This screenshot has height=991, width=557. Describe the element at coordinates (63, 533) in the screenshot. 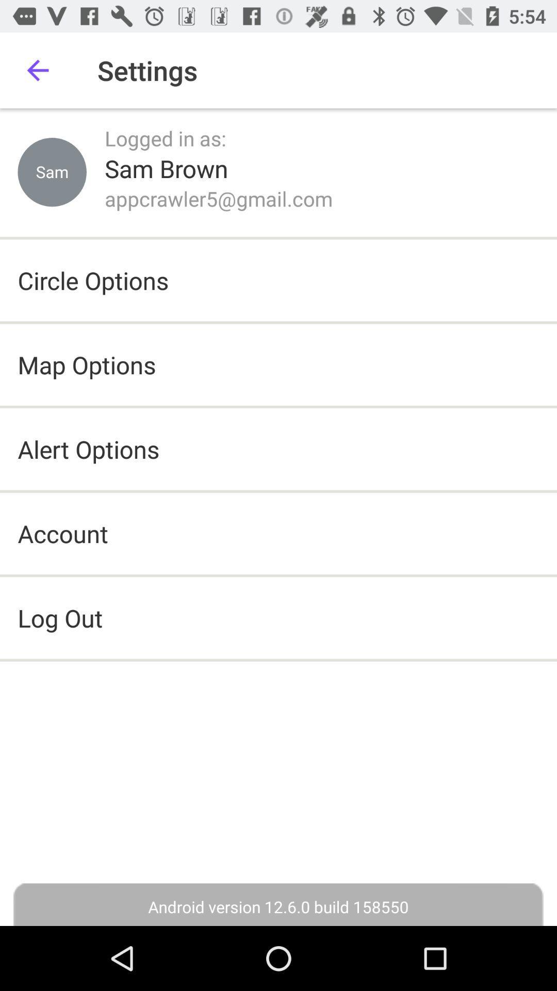

I see `account item` at that location.